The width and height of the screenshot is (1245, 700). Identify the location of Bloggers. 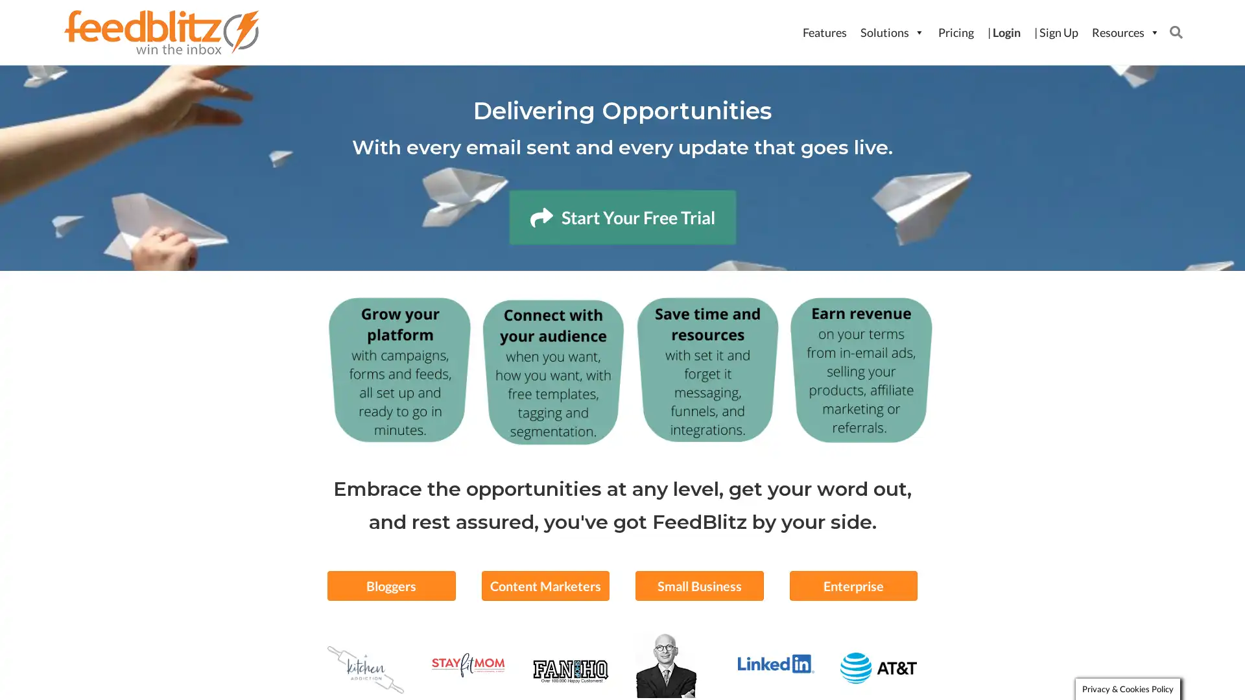
(390, 585).